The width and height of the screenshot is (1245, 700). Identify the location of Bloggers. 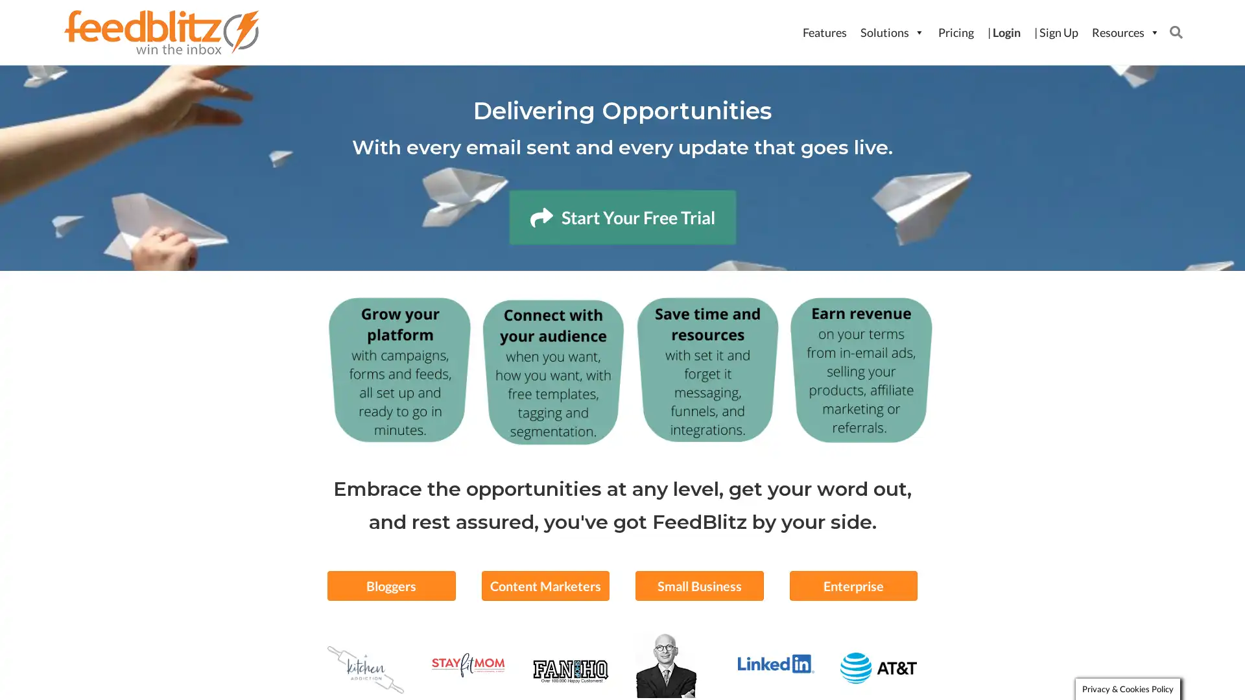
(390, 585).